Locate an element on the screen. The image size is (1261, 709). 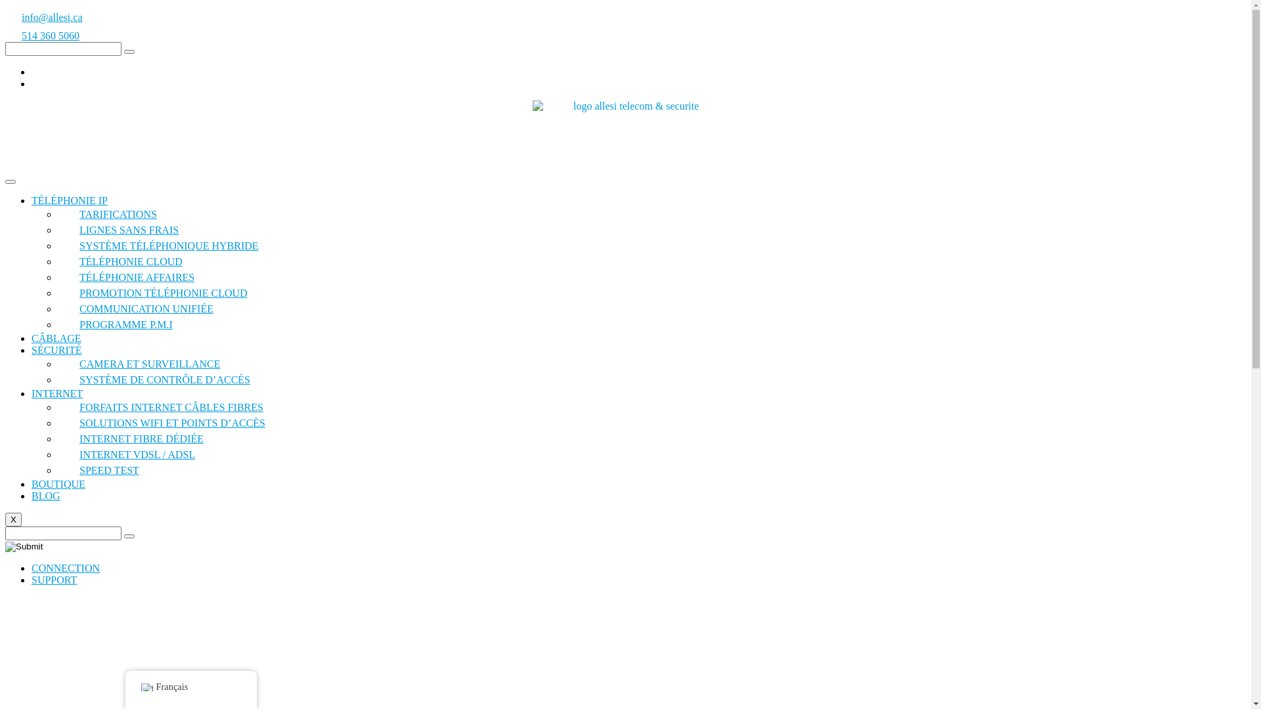
'BLOG' is located at coordinates (46, 496).